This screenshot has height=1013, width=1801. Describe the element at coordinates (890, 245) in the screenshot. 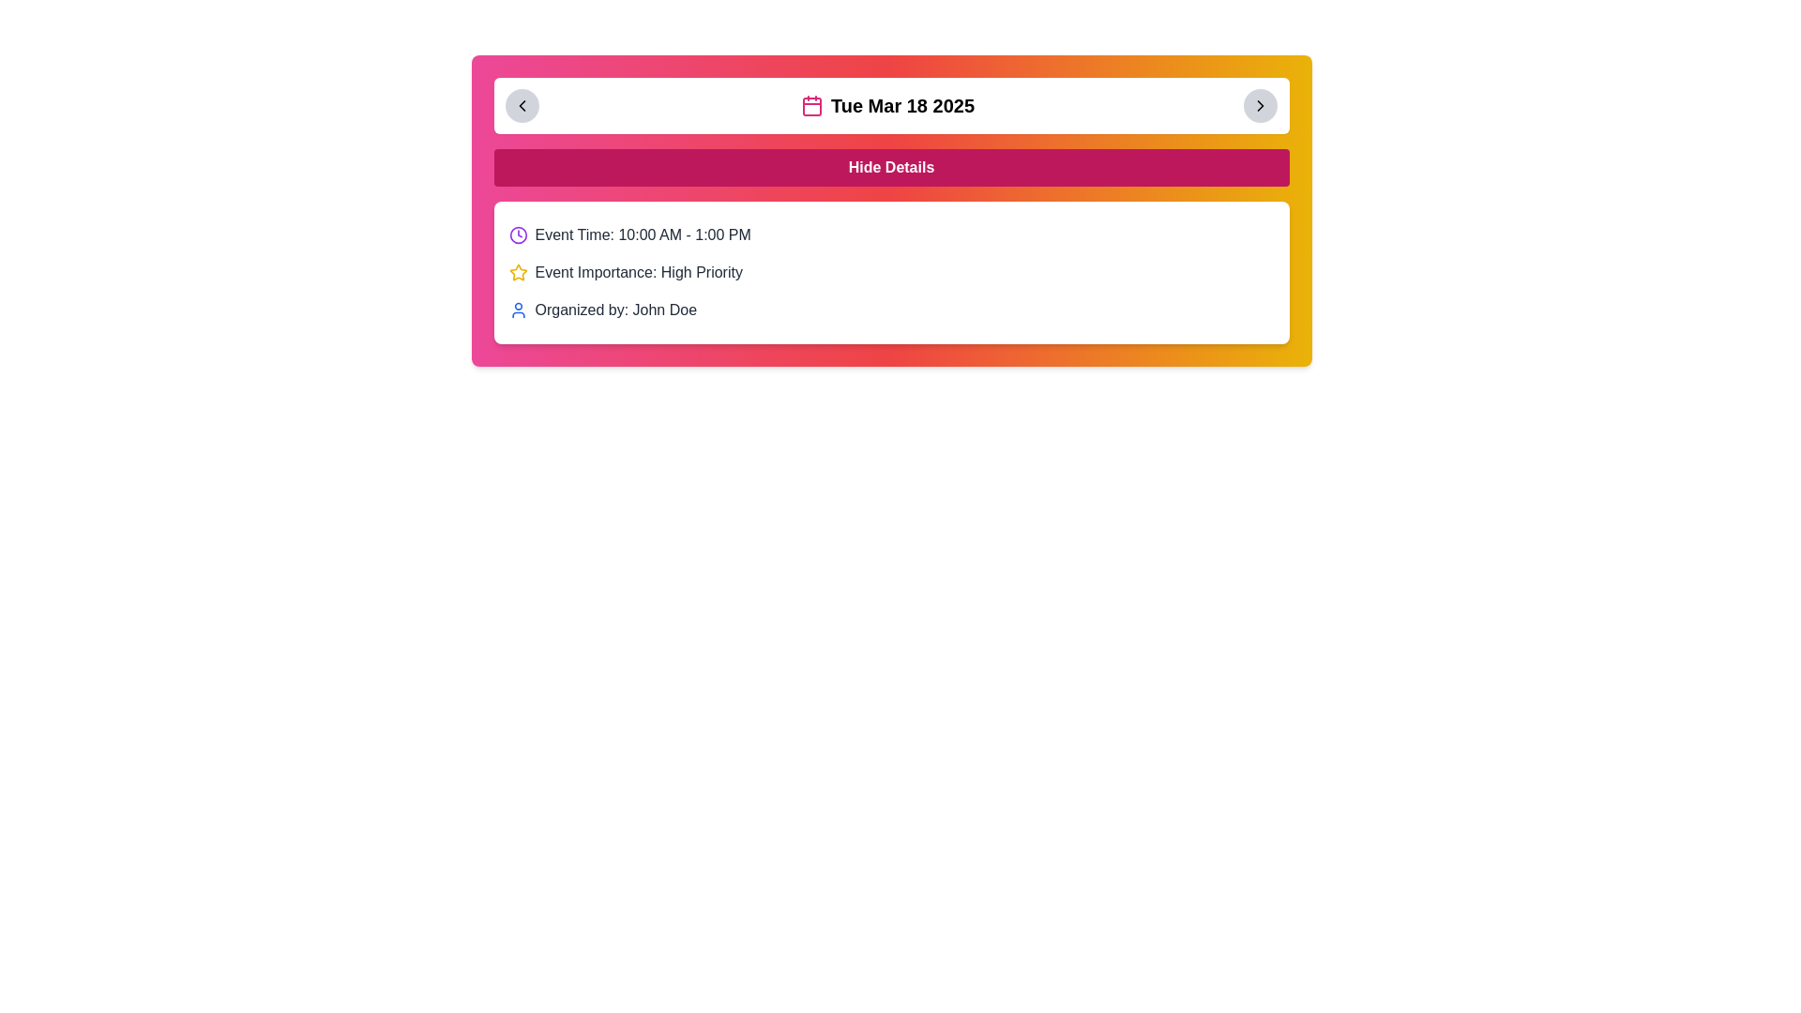

I see `the Informational section displaying event details, which includes the time, priority, and organizer, to clarify the information` at that location.